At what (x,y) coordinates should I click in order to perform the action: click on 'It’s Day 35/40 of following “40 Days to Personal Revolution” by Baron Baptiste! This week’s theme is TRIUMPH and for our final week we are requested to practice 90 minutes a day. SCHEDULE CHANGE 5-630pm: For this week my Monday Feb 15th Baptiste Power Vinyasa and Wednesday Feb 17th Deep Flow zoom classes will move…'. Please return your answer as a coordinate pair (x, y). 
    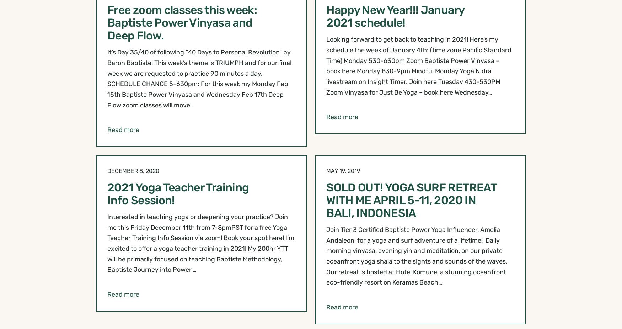
    Looking at the image, I should click on (199, 78).